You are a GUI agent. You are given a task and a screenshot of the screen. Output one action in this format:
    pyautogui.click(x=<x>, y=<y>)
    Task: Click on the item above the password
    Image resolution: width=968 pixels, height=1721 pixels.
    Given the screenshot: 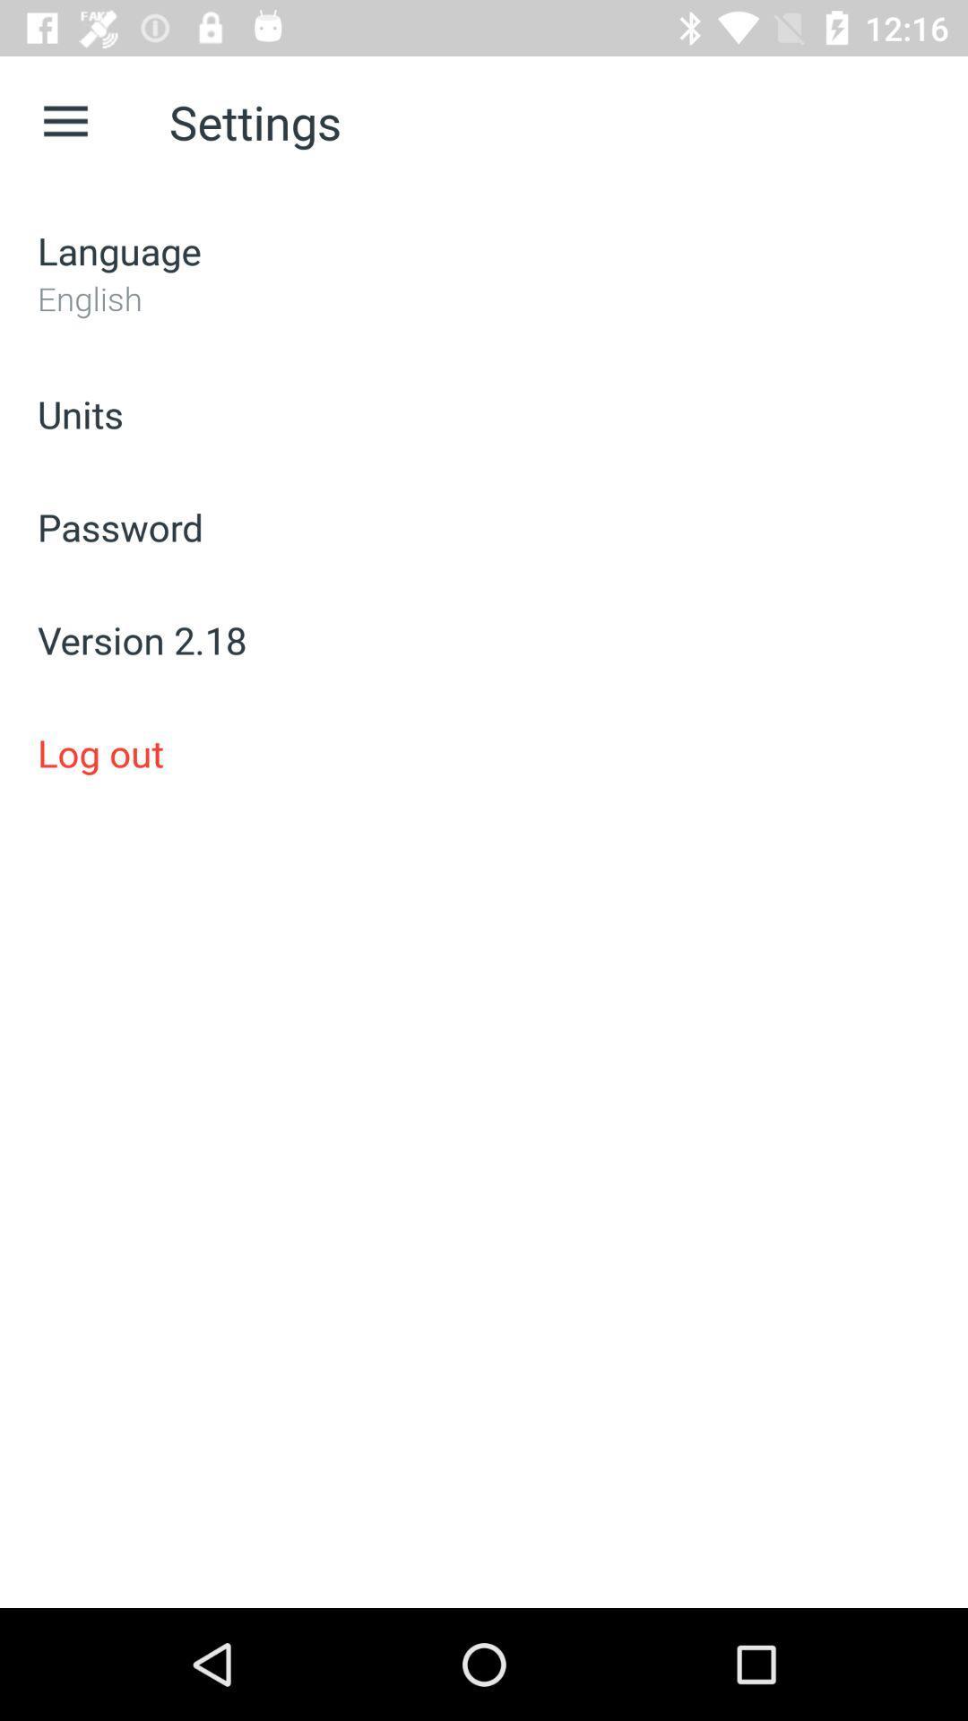 What is the action you would take?
    pyautogui.click(x=484, y=412)
    